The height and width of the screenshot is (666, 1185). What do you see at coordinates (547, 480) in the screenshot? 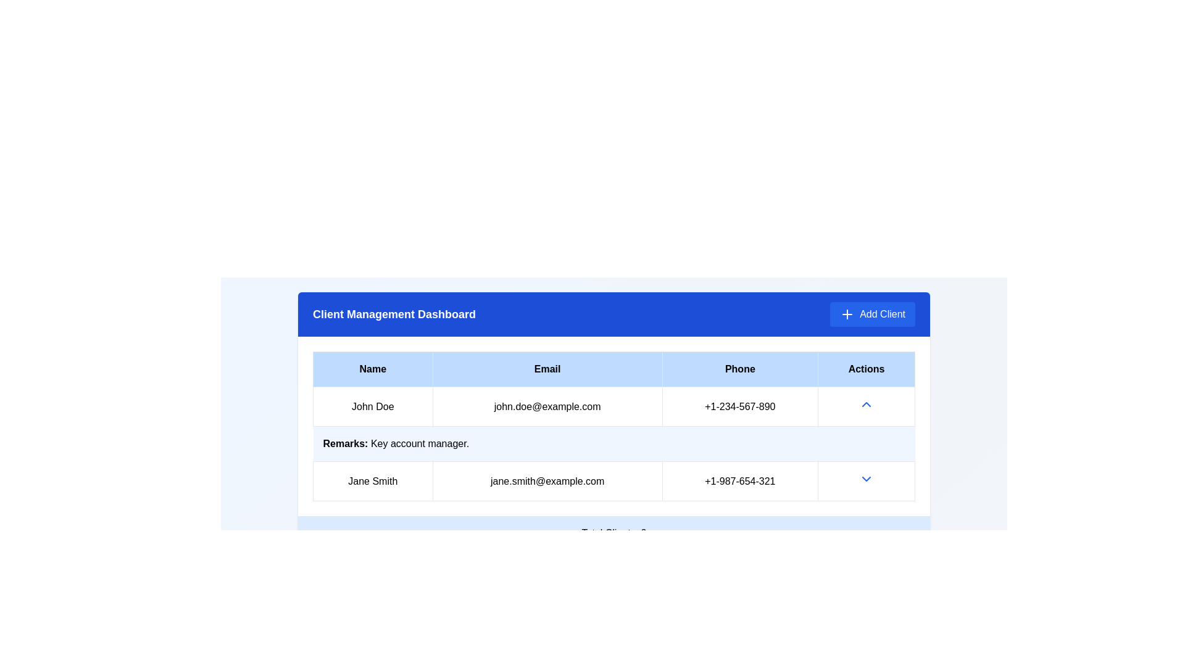
I see `the email text associated with 'Jane Smith' in the 'Email' column of the 'Client Management Dashboard' for further actions` at bounding box center [547, 480].